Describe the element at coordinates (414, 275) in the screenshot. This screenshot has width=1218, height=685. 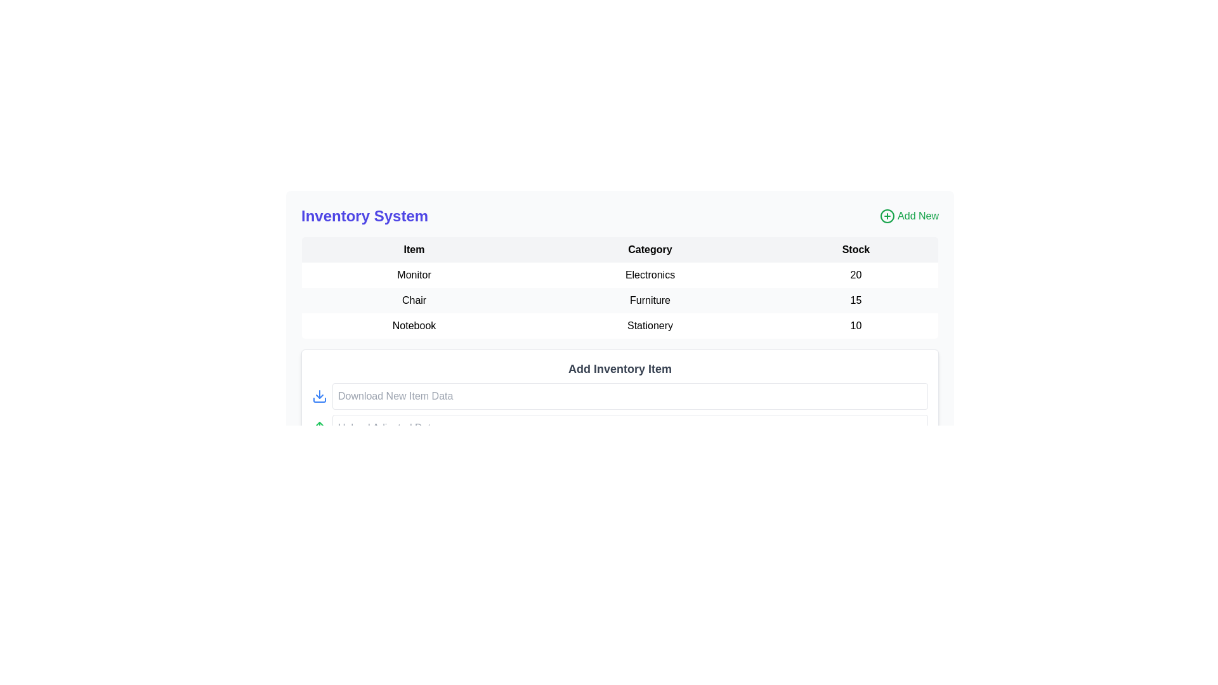
I see `the 'Monitor' text label in the Item column of the table` at that location.